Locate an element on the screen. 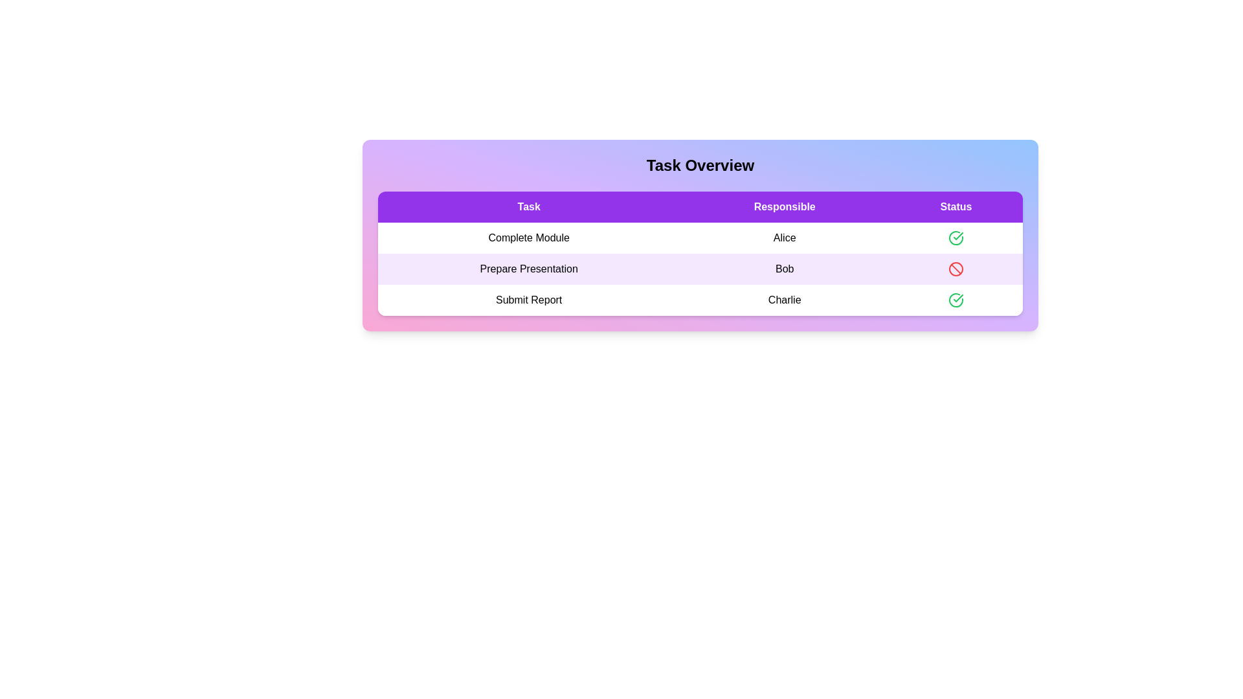  the checkmark icon representing a completed or successful status for the task associated with 'Charlie' in the 'Task Overview' table is located at coordinates (958, 236).